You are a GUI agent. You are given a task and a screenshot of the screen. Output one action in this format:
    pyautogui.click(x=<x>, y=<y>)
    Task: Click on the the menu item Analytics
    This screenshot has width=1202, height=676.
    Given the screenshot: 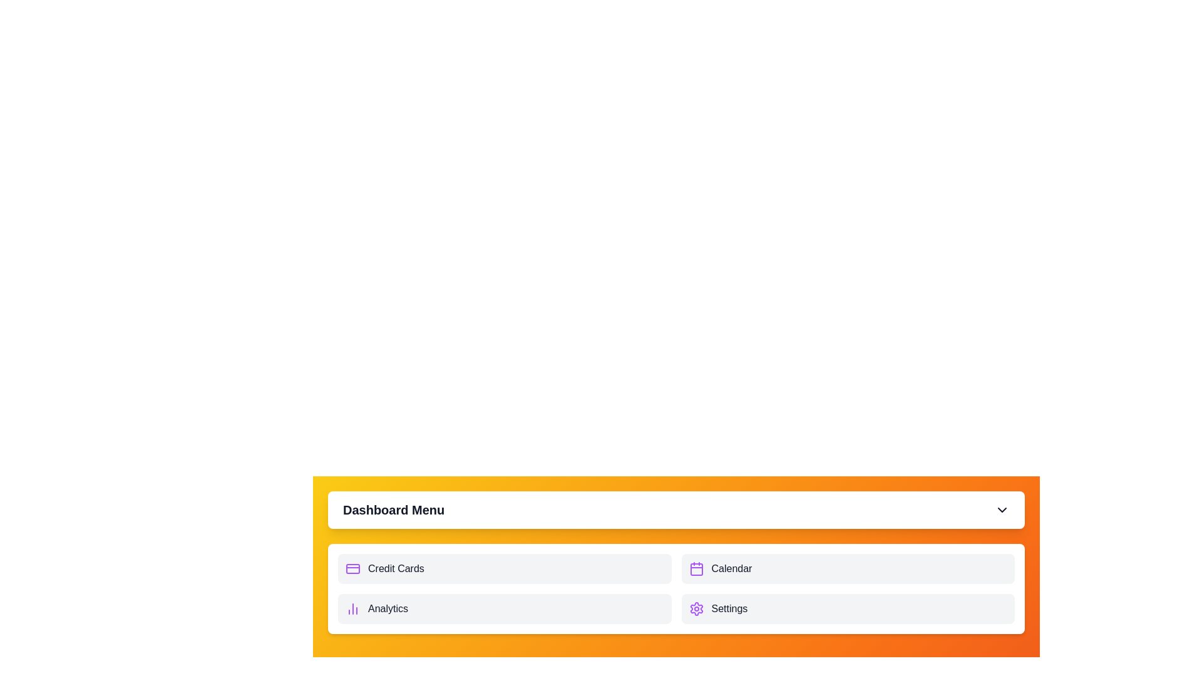 What is the action you would take?
    pyautogui.click(x=505, y=608)
    